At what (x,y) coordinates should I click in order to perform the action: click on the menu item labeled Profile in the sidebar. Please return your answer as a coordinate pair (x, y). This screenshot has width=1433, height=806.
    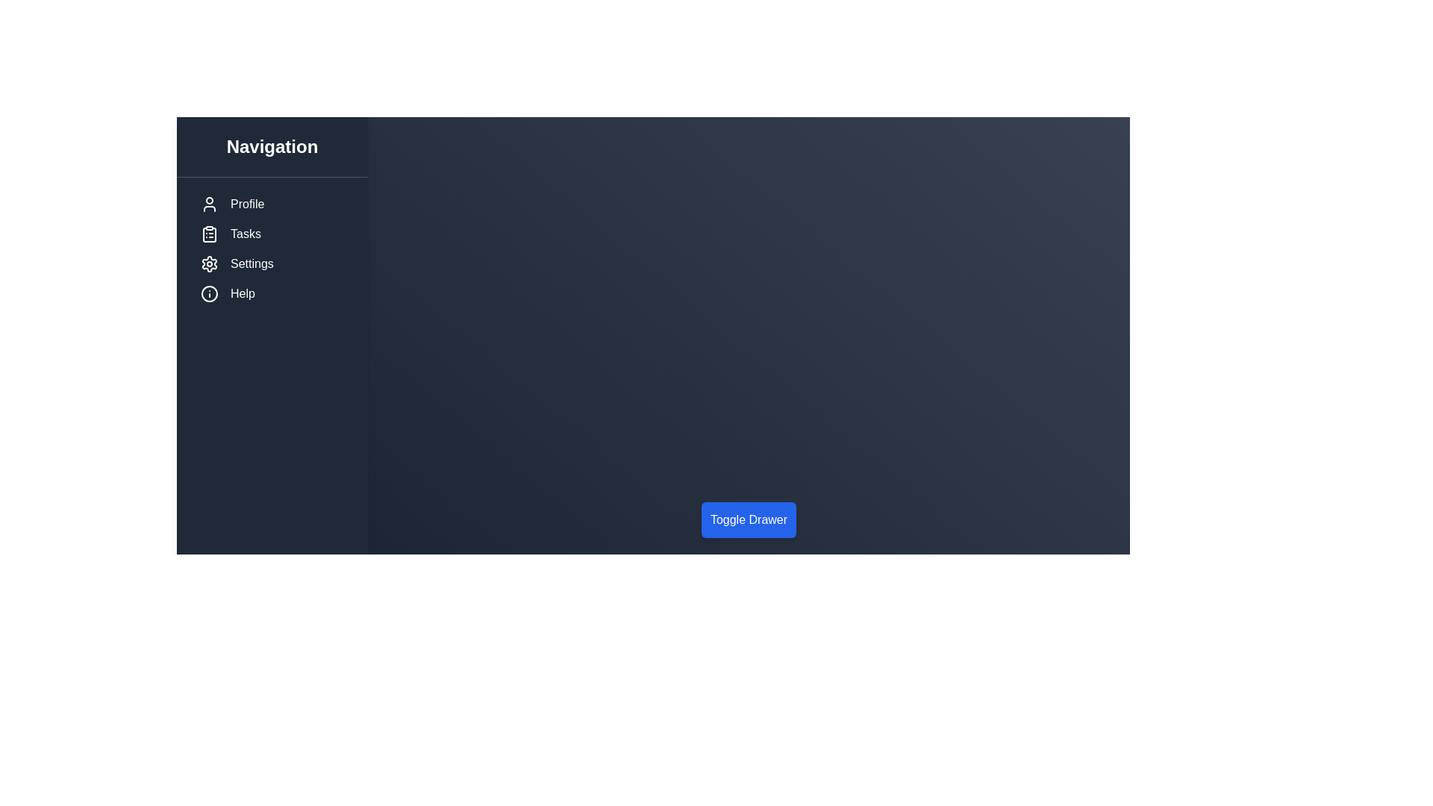
    Looking at the image, I should click on (272, 204).